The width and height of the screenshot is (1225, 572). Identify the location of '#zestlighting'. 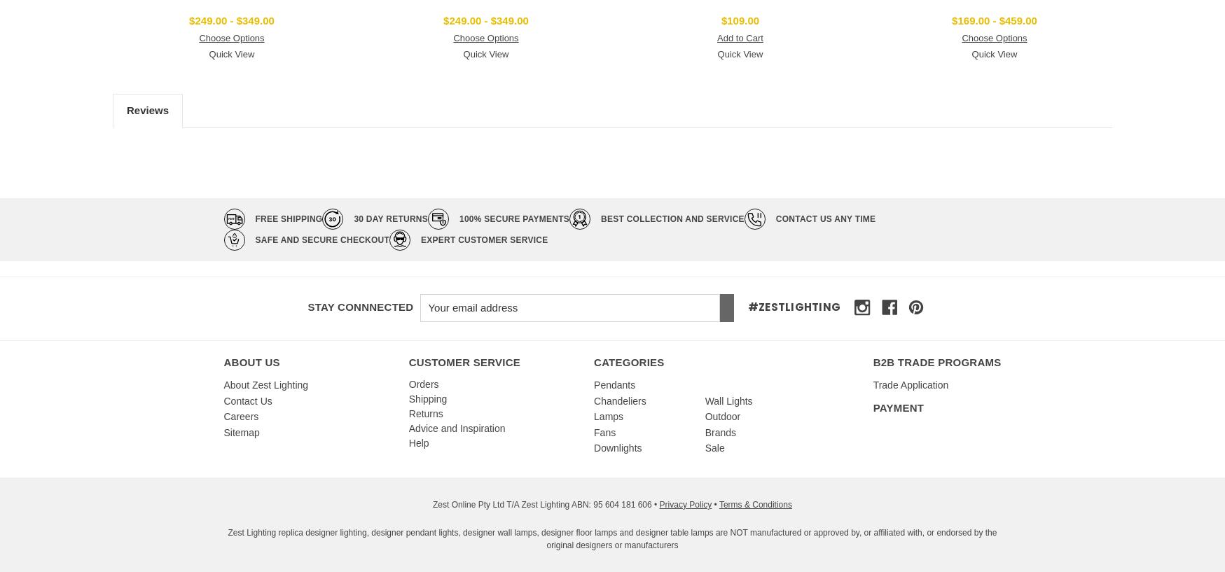
(793, 307).